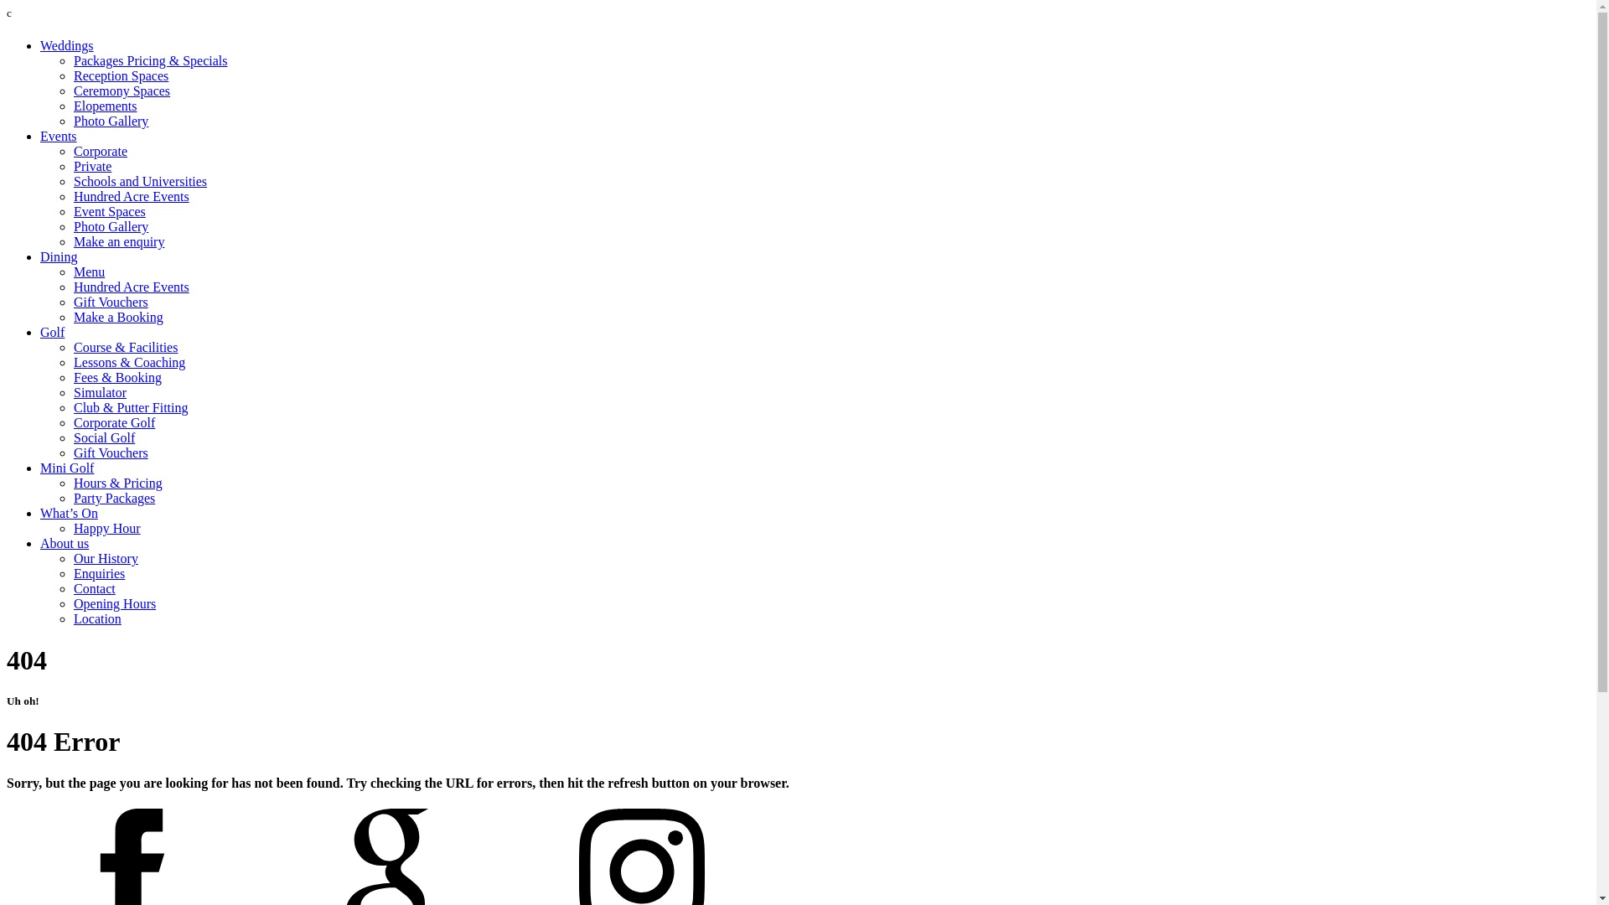 Image resolution: width=1609 pixels, height=905 pixels. Describe the element at coordinates (88, 271) in the screenshot. I see `'Menu'` at that location.